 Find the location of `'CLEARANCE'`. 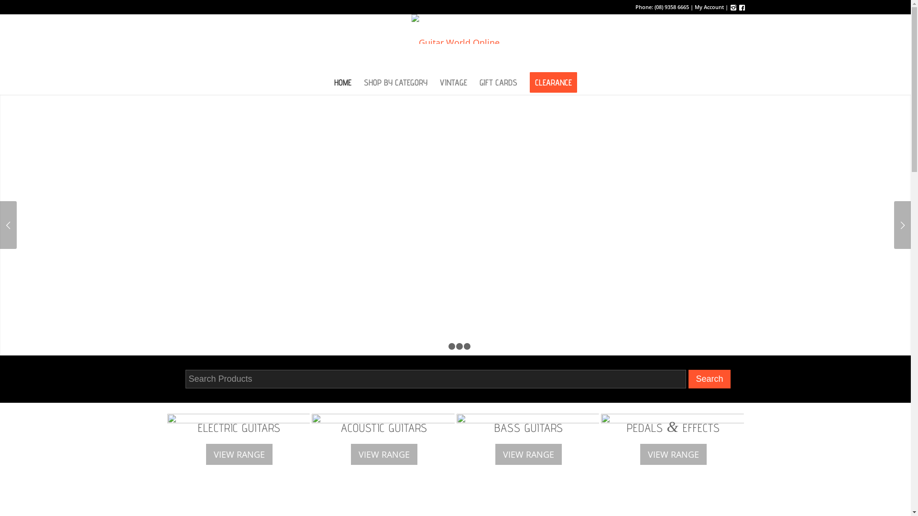

'CLEARANCE' is located at coordinates (553, 82).